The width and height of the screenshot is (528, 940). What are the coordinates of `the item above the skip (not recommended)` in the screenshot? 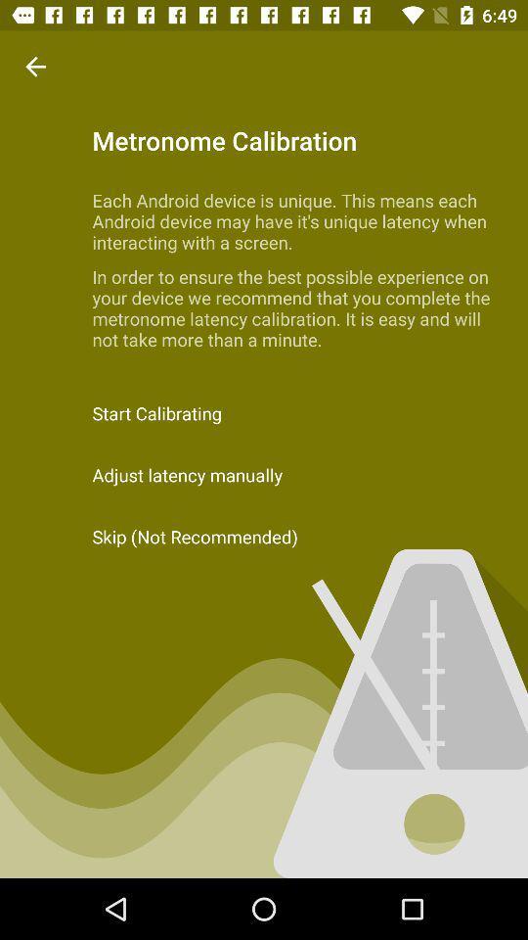 It's located at (264, 474).